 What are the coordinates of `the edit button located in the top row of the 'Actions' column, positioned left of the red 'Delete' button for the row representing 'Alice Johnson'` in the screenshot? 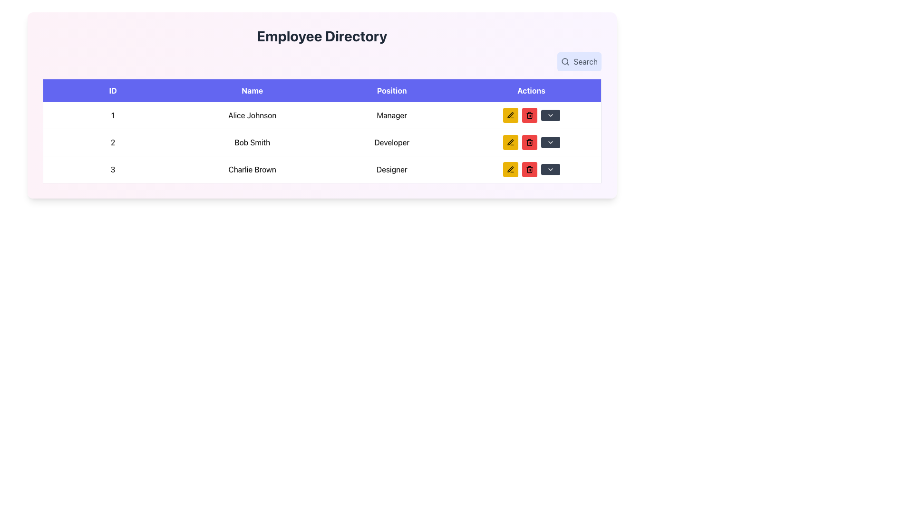 It's located at (510, 115).